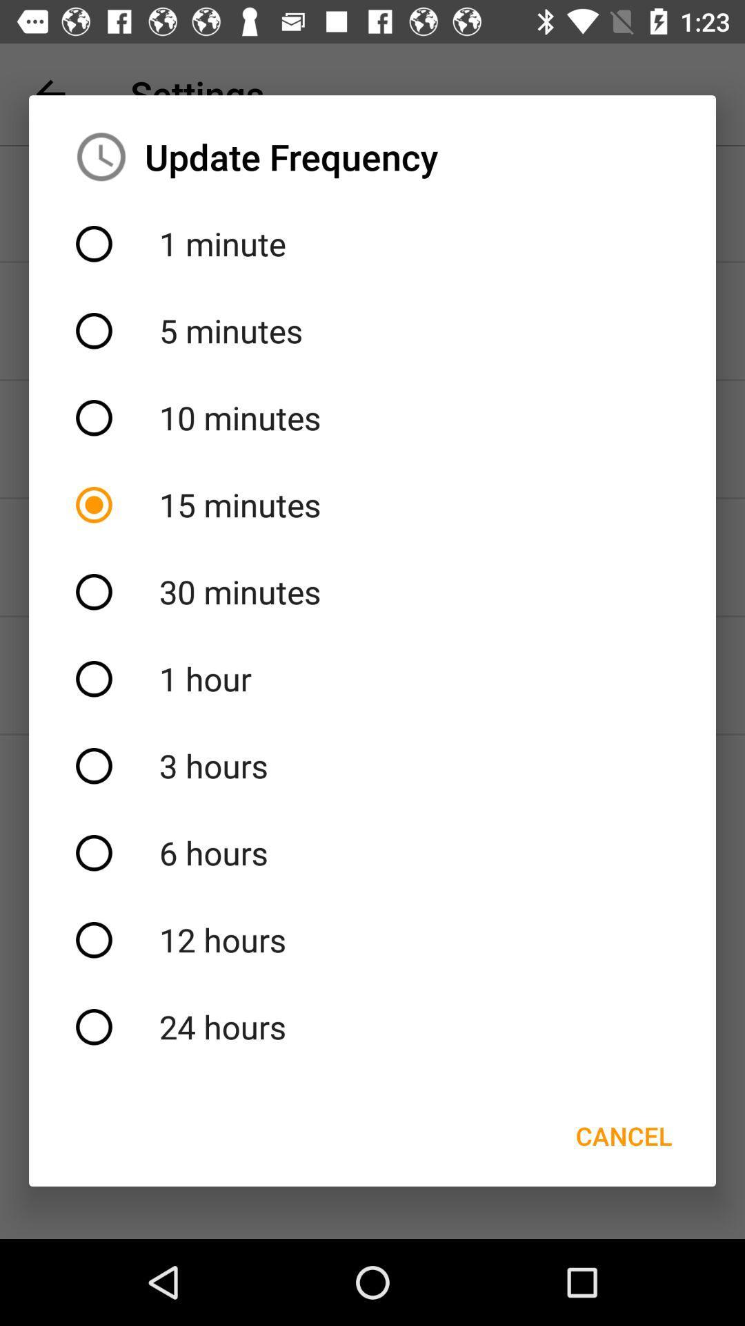 This screenshot has height=1326, width=745. What do you see at coordinates (372, 592) in the screenshot?
I see `the 30 minutes item` at bounding box center [372, 592].